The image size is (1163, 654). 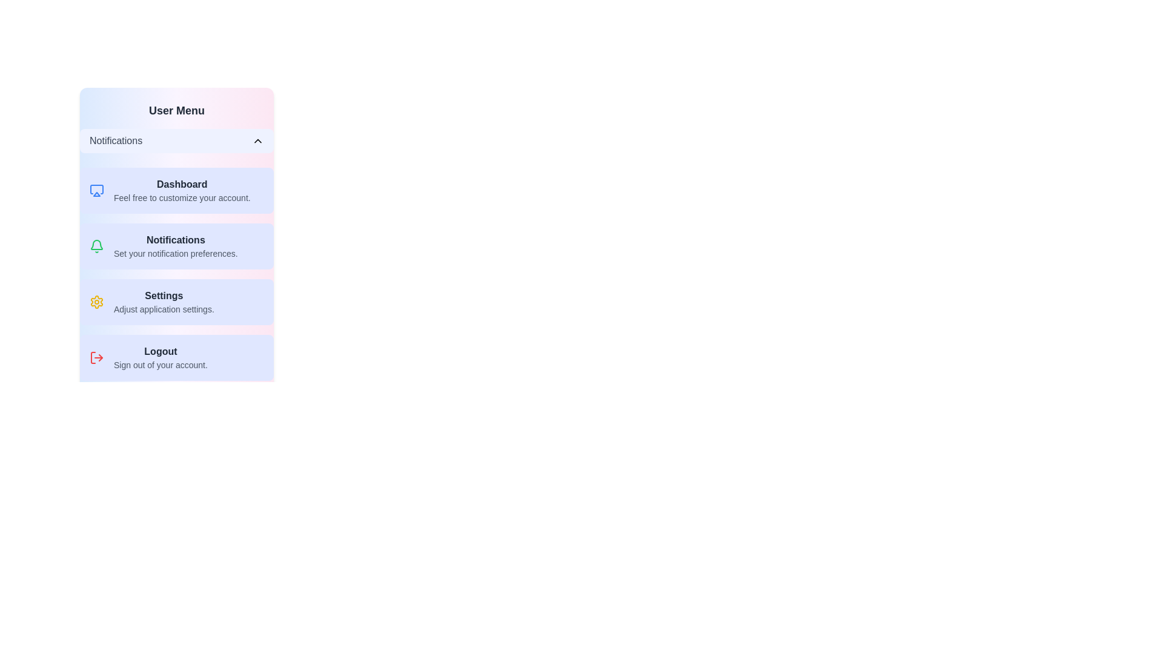 What do you see at coordinates (176, 301) in the screenshot?
I see `the menu item Settings to set it as the active option` at bounding box center [176, 301].